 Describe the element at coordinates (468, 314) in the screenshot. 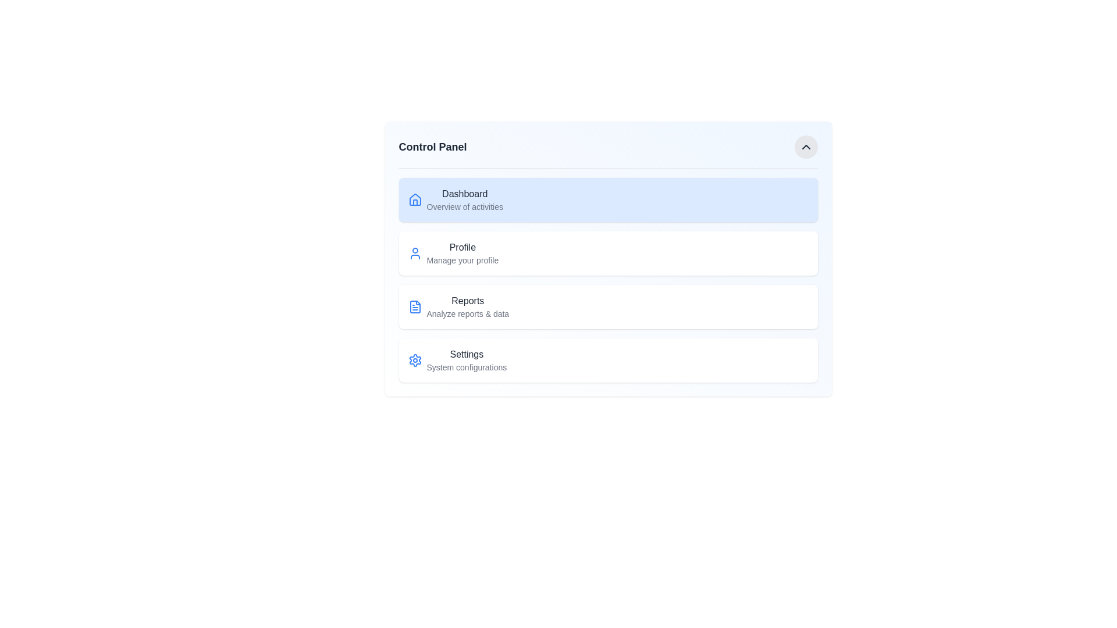

I see `the static text element that says 'Analyze reports & data', which is located below the 'Reports' title in the Reports section of the interface` at that location.